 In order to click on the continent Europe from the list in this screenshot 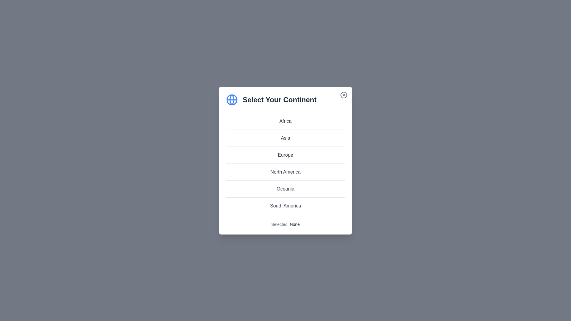, I will do `click(285, 154)`.